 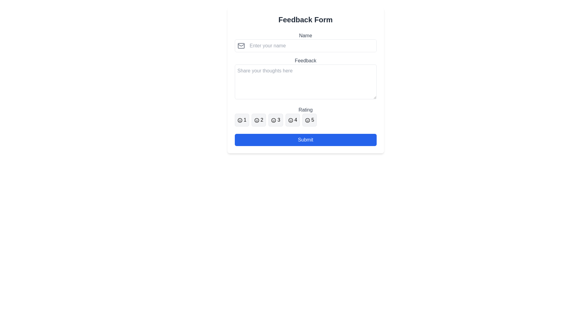 What do you see at coordinates (242, 120) in the screenshot?
I see `the interactive button for selecting a rating of '1'` at bounding box center [242, 120].